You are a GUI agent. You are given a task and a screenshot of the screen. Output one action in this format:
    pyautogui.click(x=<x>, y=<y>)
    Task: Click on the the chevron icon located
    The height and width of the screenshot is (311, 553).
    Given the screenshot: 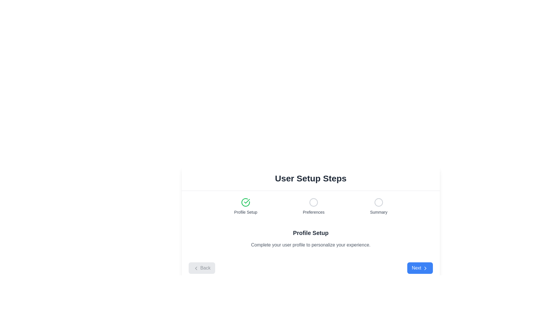 What is the action you would take?
    pyautogui.click(x=425, y=268)
    